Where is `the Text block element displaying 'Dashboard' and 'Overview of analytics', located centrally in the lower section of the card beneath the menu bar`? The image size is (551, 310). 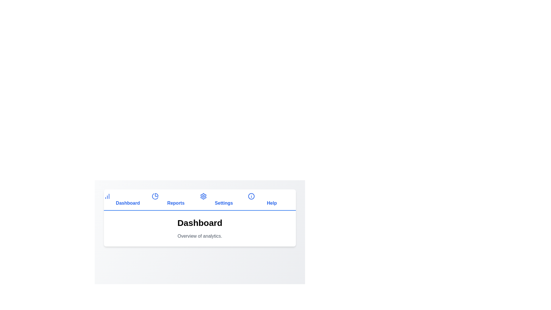
the Text block element displaying 'Dashboard' and 'Overview of analytics', located centrally in the lower section of the card beneath the menu bar is located at coordinates (200, 228).